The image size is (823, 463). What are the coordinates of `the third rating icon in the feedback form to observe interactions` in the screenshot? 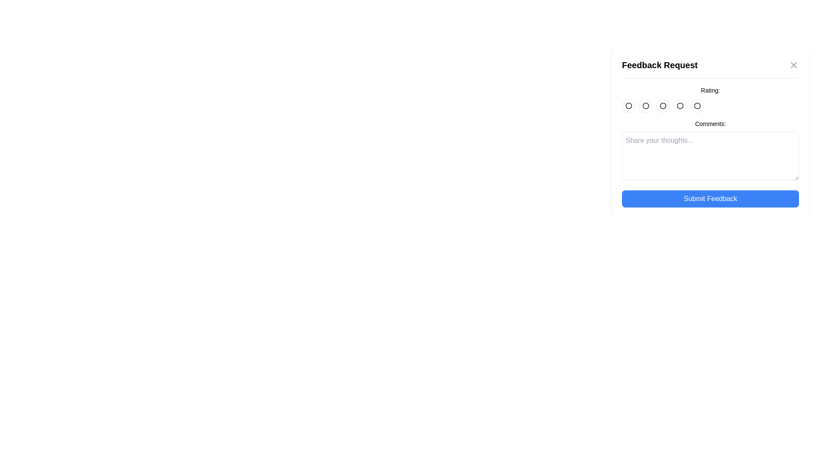 It's located at (662, 105).